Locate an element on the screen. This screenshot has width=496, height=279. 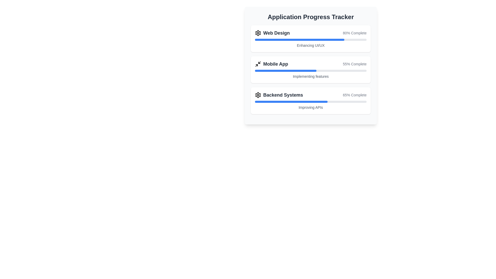
the text label that says 'Implementing features', which is styled in small gray text and located under the progress bar of the 'Mobile App' section in the 'Application Progress Tracker' is located at coordinates (311, 76).